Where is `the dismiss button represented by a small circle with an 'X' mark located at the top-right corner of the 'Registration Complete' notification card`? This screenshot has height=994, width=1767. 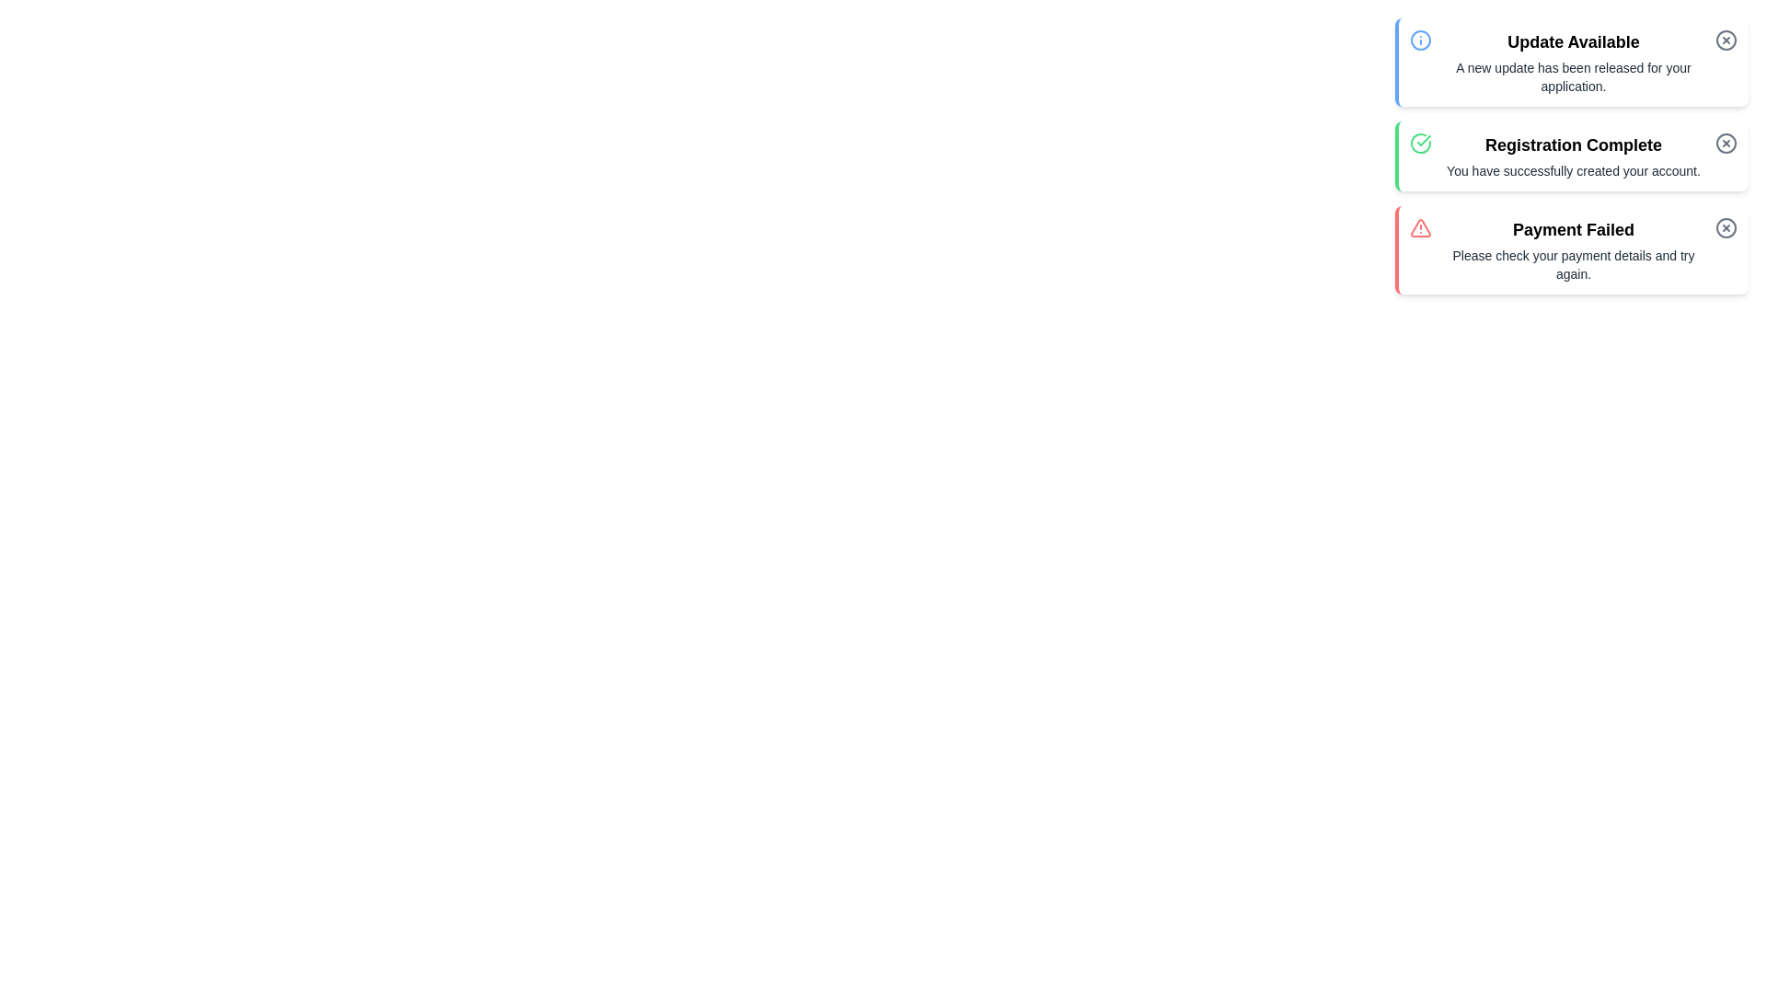
the dismiss button represented by a small circle with an 'X' mark located at the top-right corner of the 'Registration Complete' notification card is located at coordinates (1726, 142).